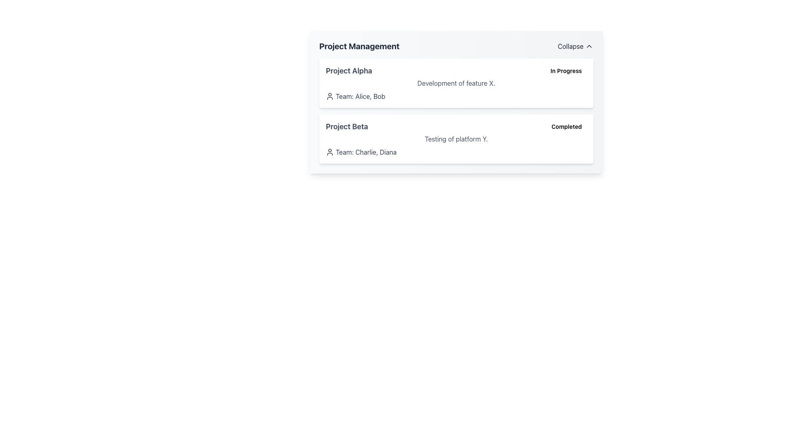 The width and height of the screenshot is (789, 443). What do you see at coordinates (566, 126) in the screenshot?
I see `the status indicator badge for 'Project Beta' located in the second row of the list, positioned to the far-right of the label` at bounding box center [566, 126].